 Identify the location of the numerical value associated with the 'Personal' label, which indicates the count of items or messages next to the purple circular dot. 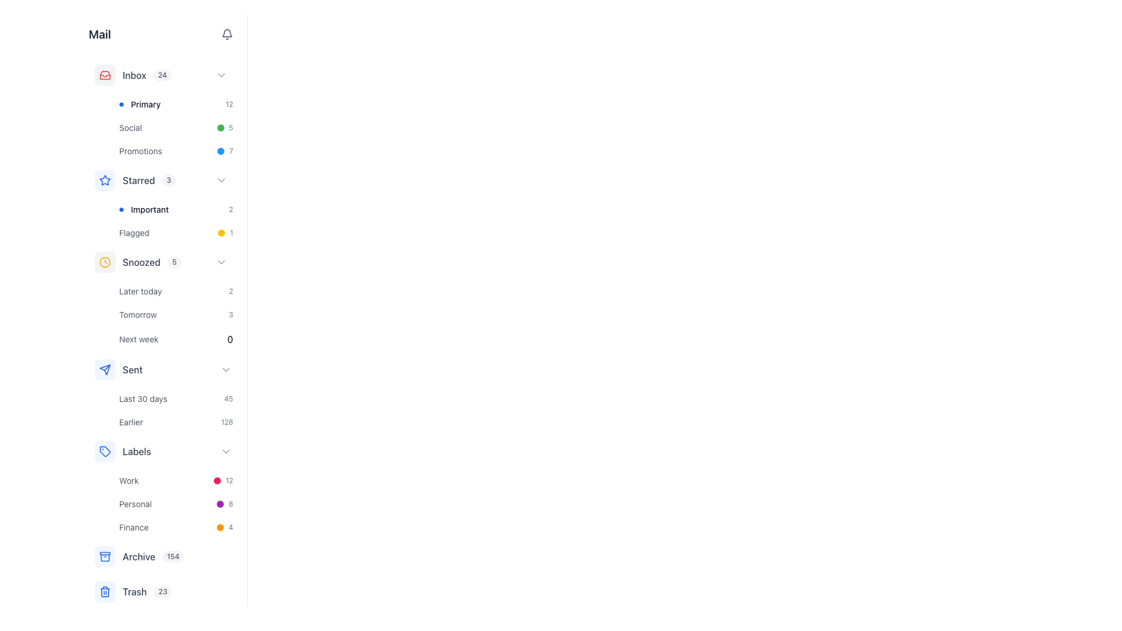
(225, 504).